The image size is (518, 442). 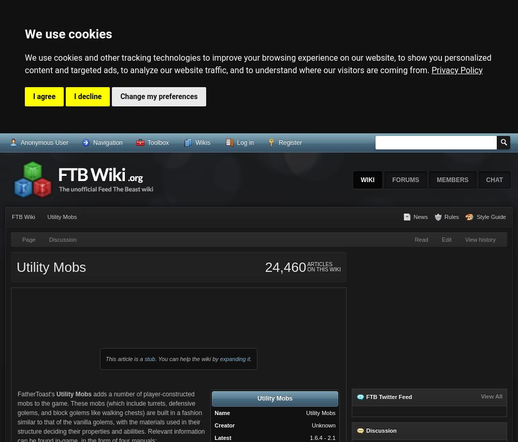 I want to click on 'View history', so click(x=480, y=240).